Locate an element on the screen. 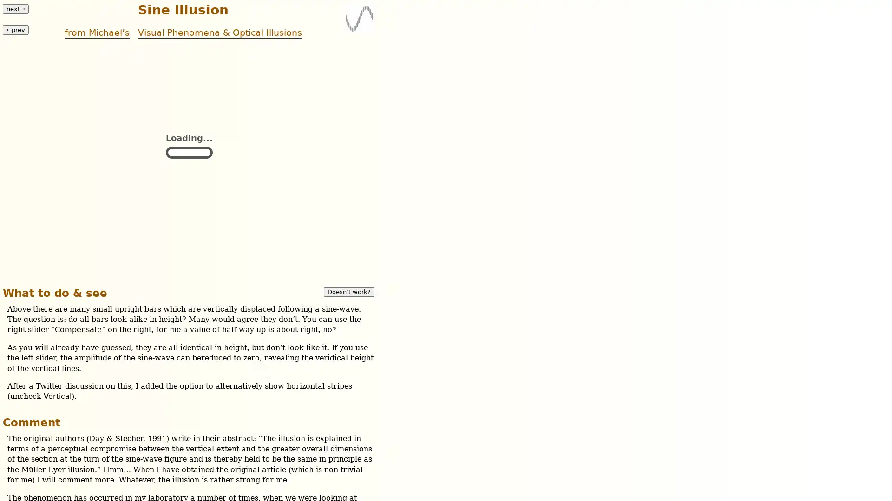 The height and width of the screenshot is (501, 892). next is located at coordinates (15, 9).